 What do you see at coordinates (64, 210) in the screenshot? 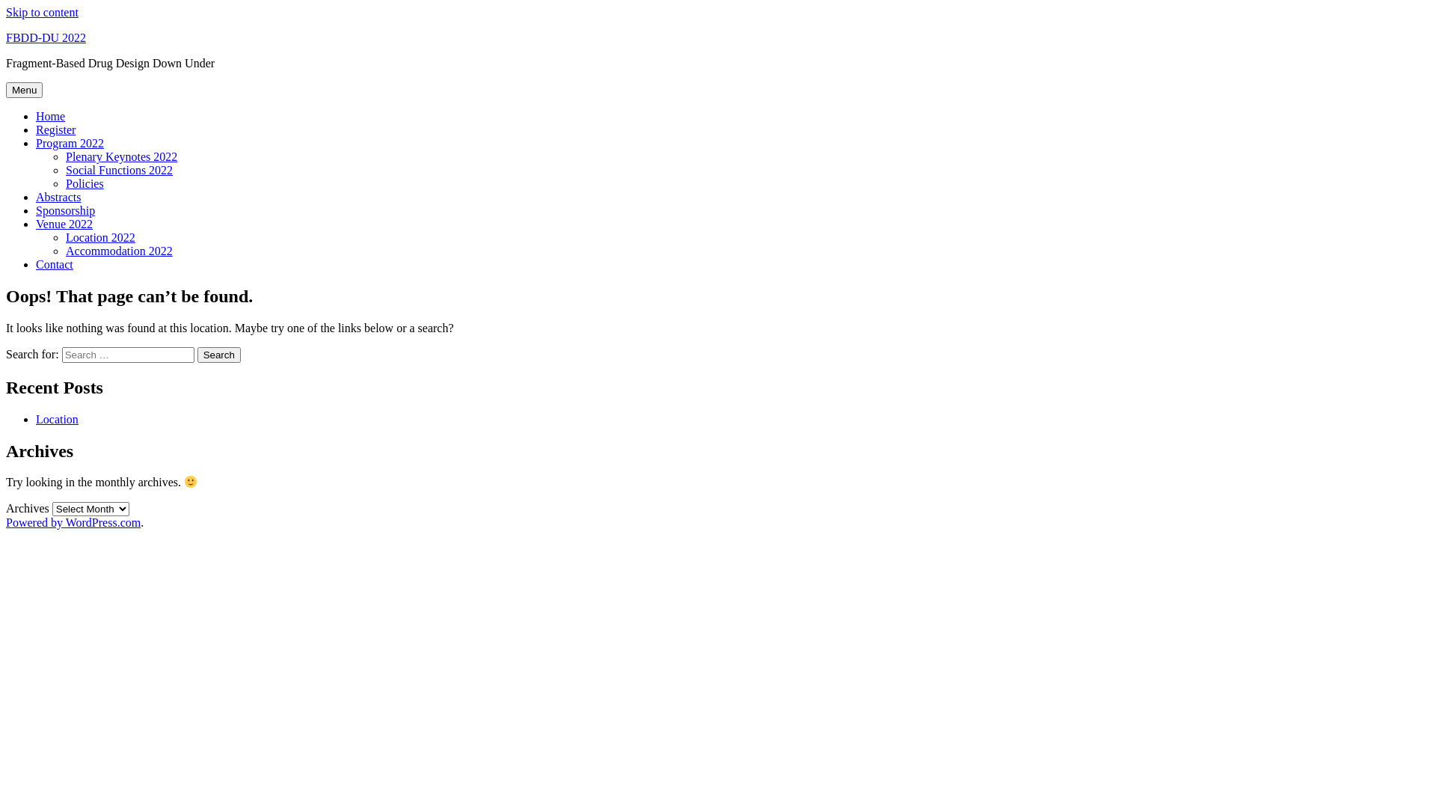
I see `'Sponsorship'` at bounding box center [64, 210].